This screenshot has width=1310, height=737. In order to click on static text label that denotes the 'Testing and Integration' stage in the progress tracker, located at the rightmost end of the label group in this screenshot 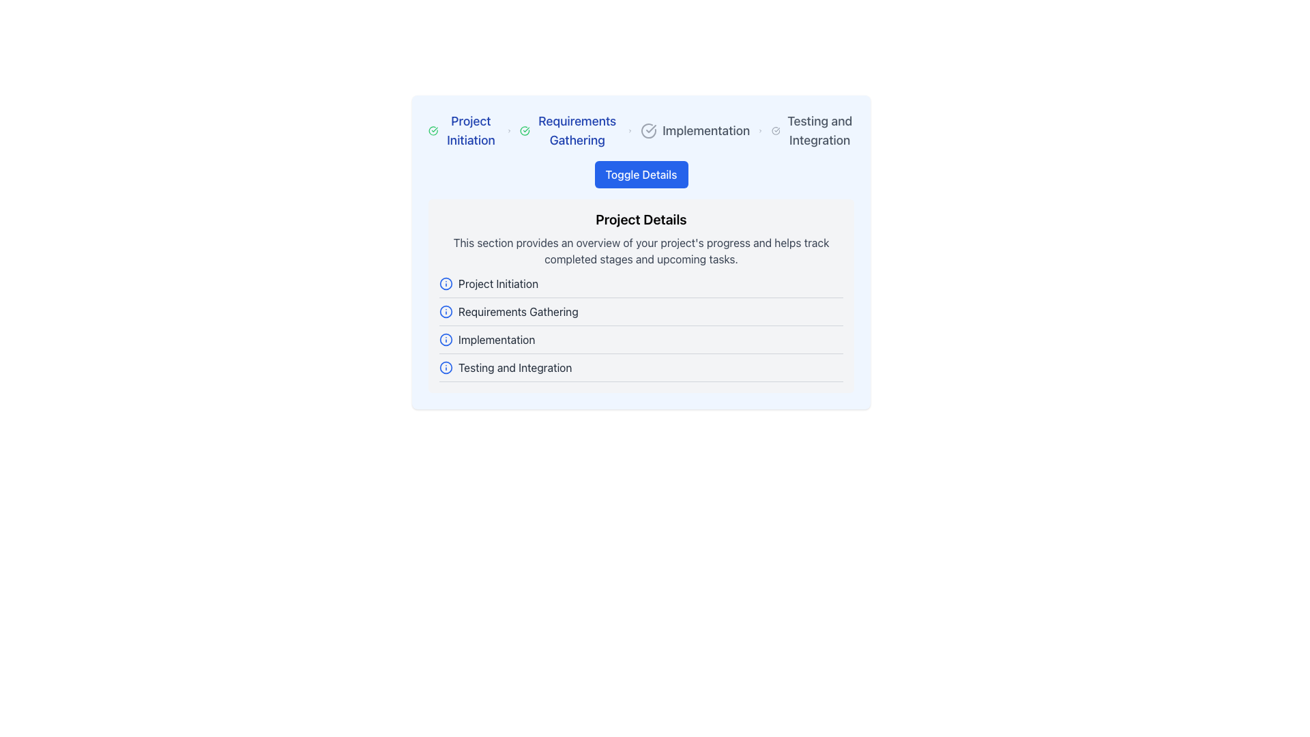, I will do `click(819, 131)`.